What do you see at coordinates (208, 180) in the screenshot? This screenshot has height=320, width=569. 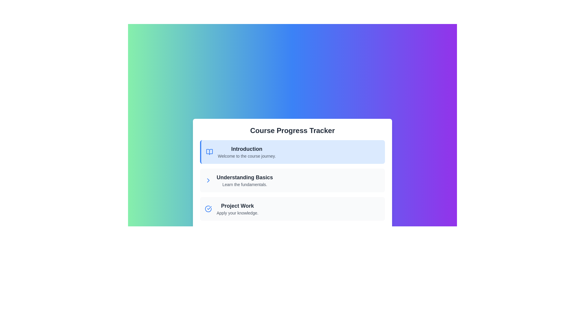 I see `the navigation icon located to the far right of the 'Understanding Basics' row, immediately following the text 'Learn the fundamentals'` at bounding box center [208, 180].